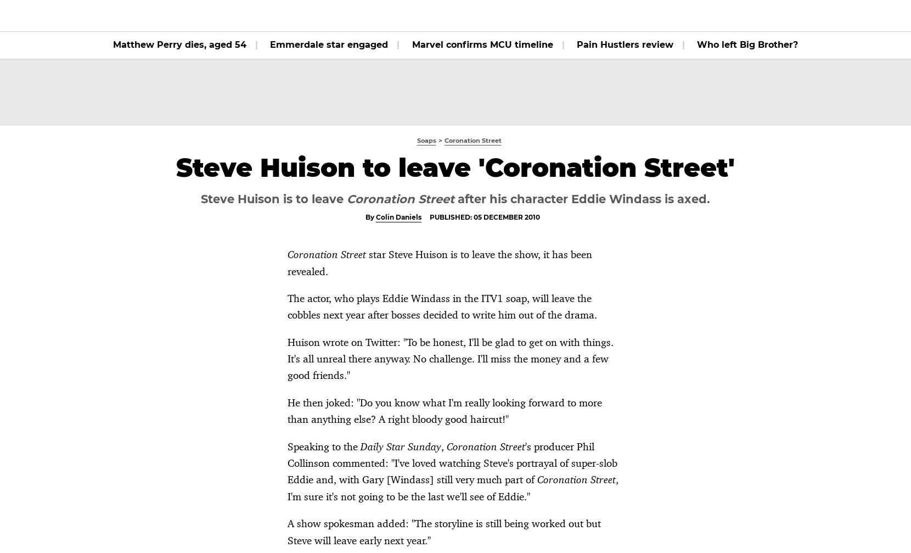 The height and width of the screenshot is (553, 911). What do you see at coordinates (401, 15) in the screenshot?
I see `'News'` at bounding box center [401, 15].